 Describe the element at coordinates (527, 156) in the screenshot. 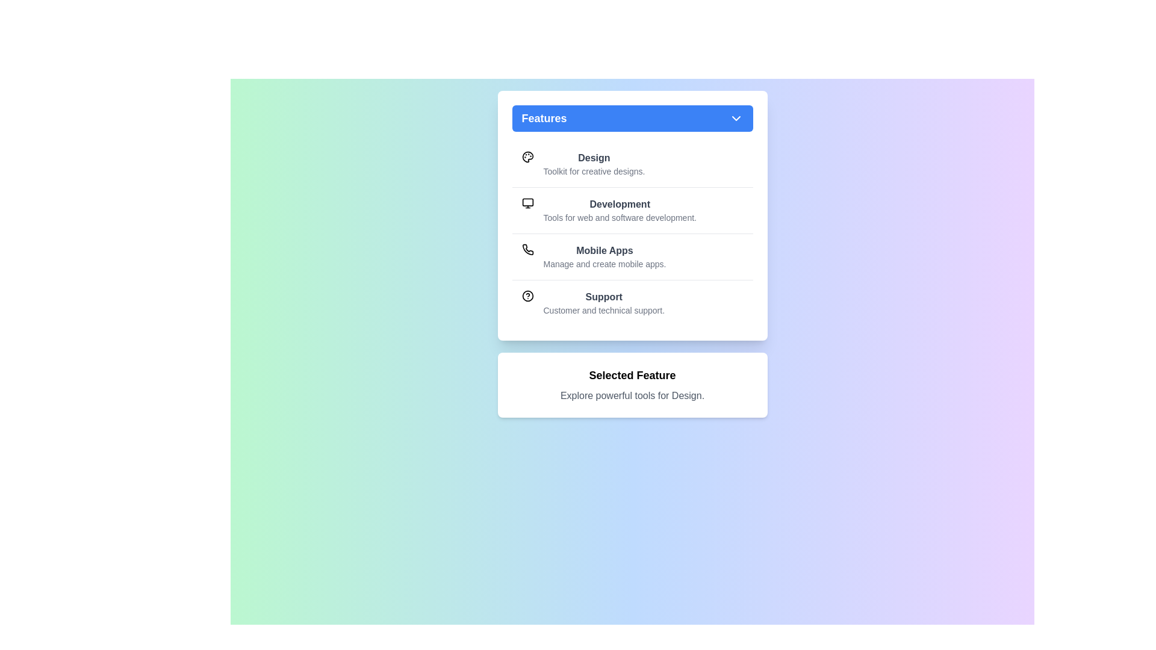

I see `the icon for the feature Design` at that location.